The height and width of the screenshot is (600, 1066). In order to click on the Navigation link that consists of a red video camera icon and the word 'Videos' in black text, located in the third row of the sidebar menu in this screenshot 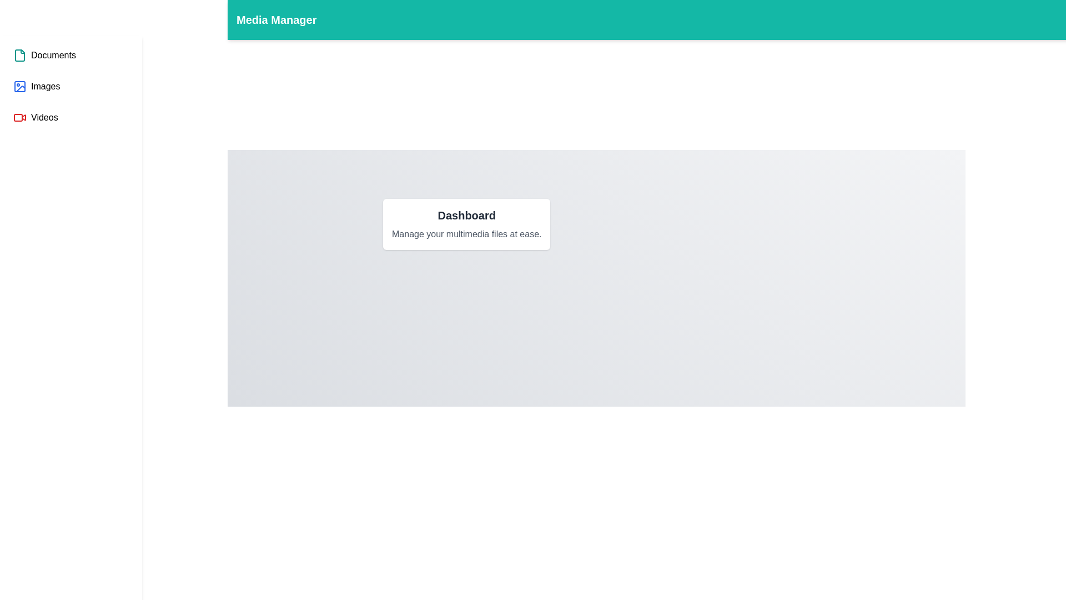, I will do `click(36, 118)`.